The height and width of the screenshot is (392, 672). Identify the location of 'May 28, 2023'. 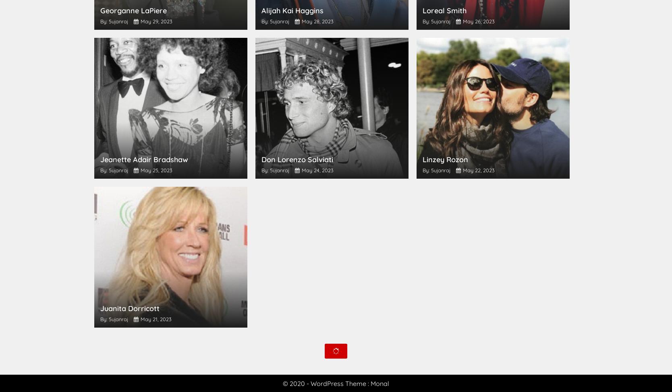
(301, 21).